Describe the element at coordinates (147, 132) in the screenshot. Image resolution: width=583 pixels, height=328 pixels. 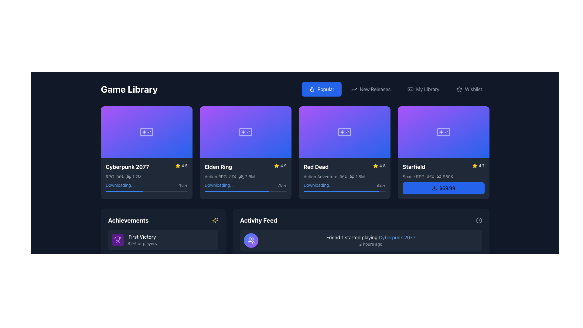
I see `the image placeholder representing the game 'Cyberpunk 2077' located at the upper portion of its card in the game library` at that location.